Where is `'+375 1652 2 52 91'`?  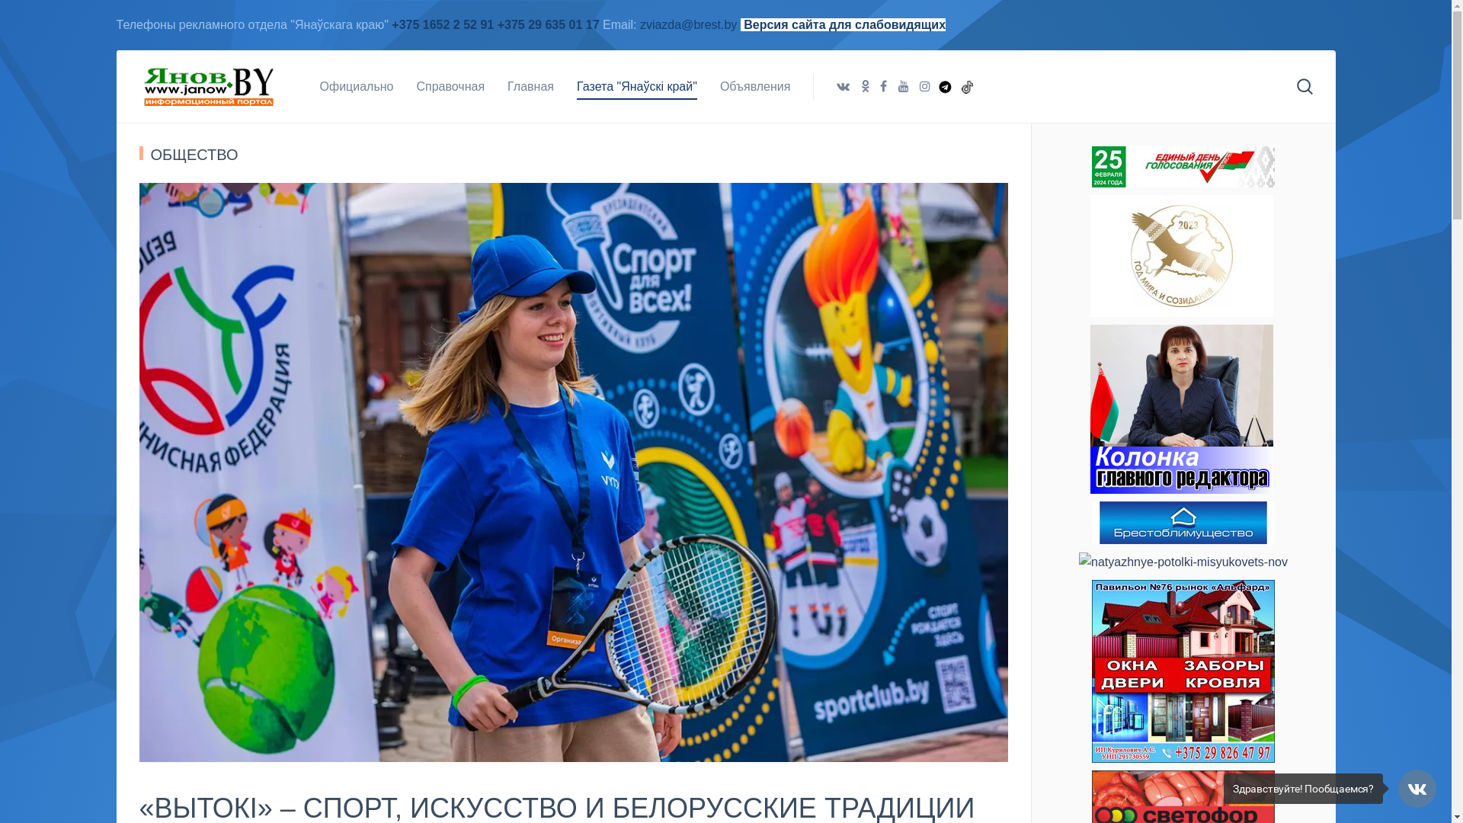 '+375 1652 2 52 91' is located at coordinates (441, 24).